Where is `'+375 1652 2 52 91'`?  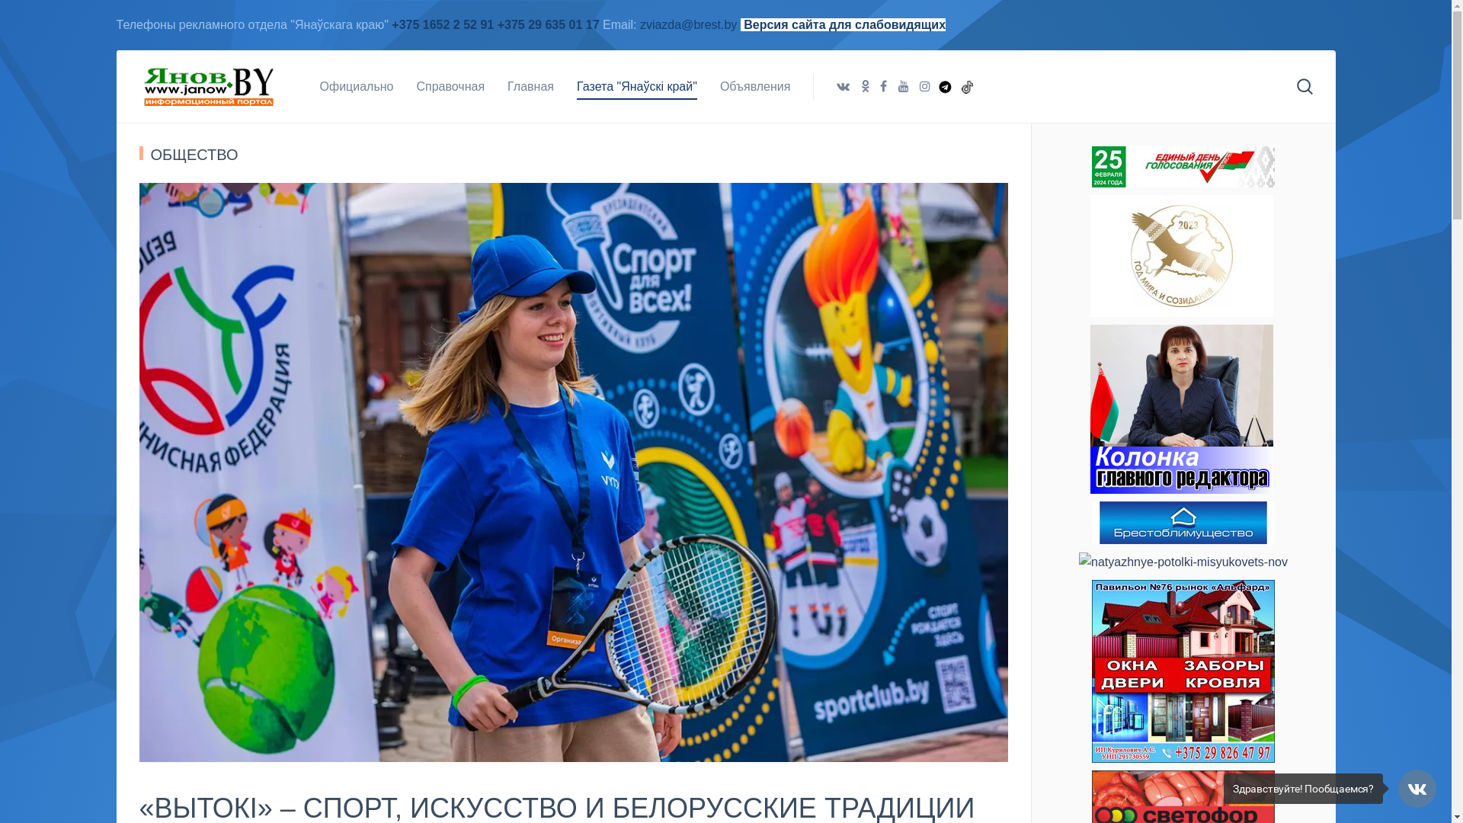 '+375 1652 2 52 91' is located at coordinates (441, 24).